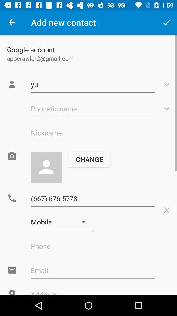 This screenshot has width=177, height=316. Describe the element at coordinates (12, 292) in the screenshot. I see `the icon to the left of address` at that location.